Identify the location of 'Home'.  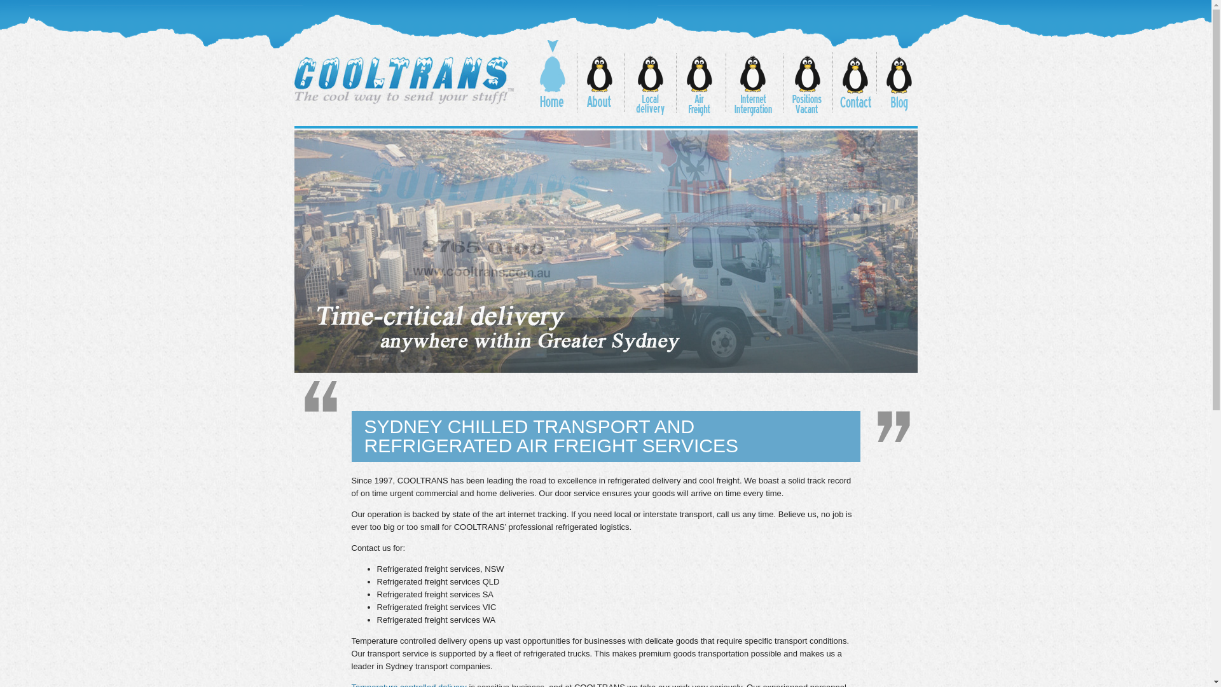
(550, 78).